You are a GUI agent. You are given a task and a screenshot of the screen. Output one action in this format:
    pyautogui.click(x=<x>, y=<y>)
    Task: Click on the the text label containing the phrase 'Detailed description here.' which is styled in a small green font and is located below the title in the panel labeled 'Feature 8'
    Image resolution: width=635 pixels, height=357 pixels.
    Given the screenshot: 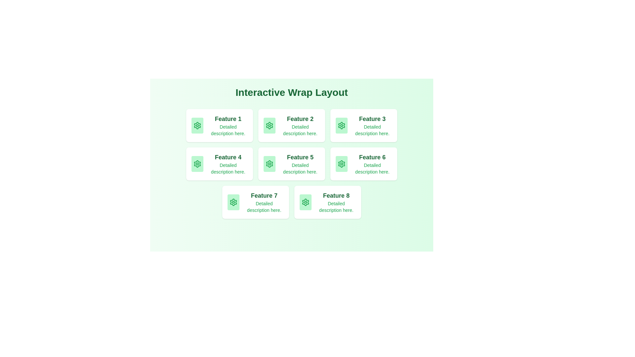 What is the action you would take?
    pyautogui.click(x=336, y=206)
    